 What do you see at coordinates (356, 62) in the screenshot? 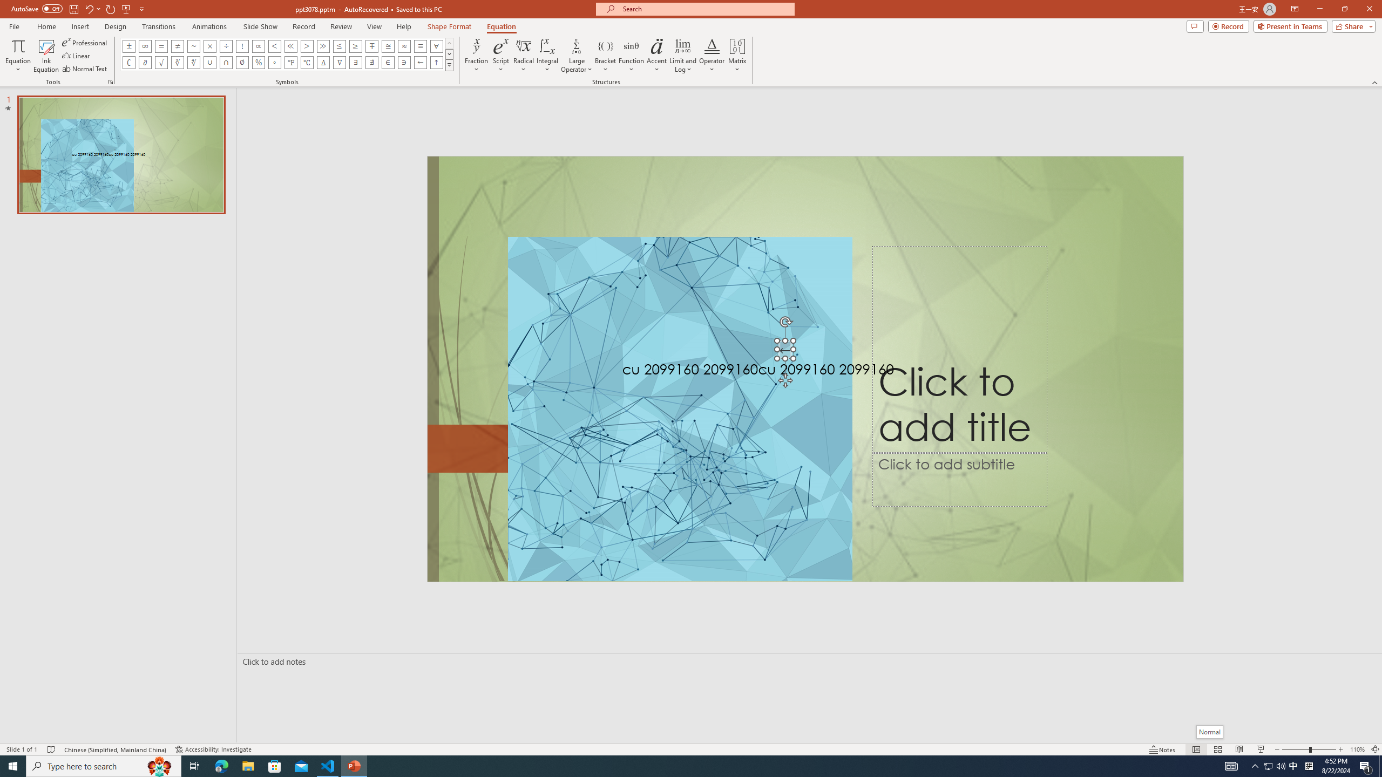
I see `'Equation Symbol There Exists'` at bounding box center [356, 62].